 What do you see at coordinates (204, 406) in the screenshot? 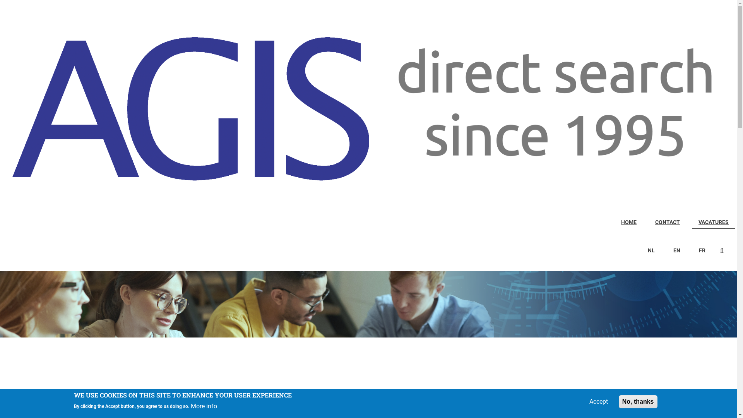
I see `'More info'` at bounding box center [204, 406].